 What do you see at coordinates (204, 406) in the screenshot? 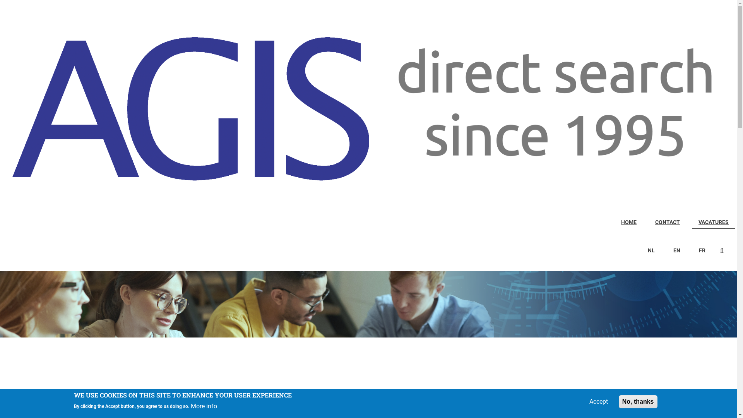
I see `'More info'` at bounding box center [204, 406].